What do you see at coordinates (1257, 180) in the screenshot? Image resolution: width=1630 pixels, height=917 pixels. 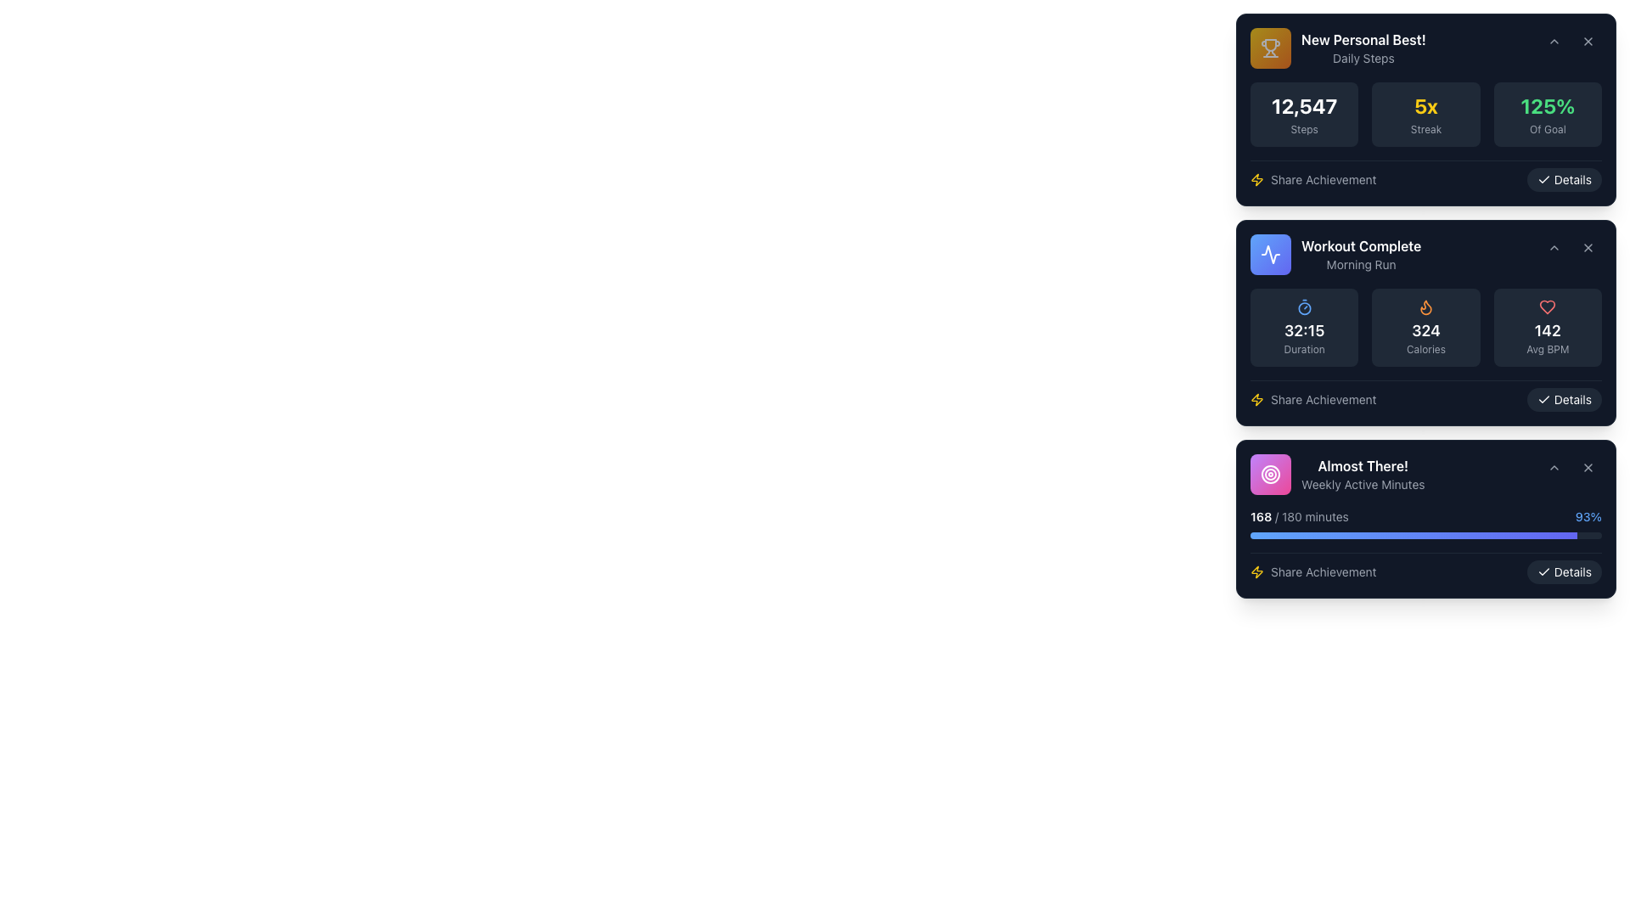 I see `the static representation of the yellow lightning bolt icon located in the bottom-left corner of the 'Workout Complete' card, adjacent to the 'Share Achievement' label` at bounding box center [1257, 180].